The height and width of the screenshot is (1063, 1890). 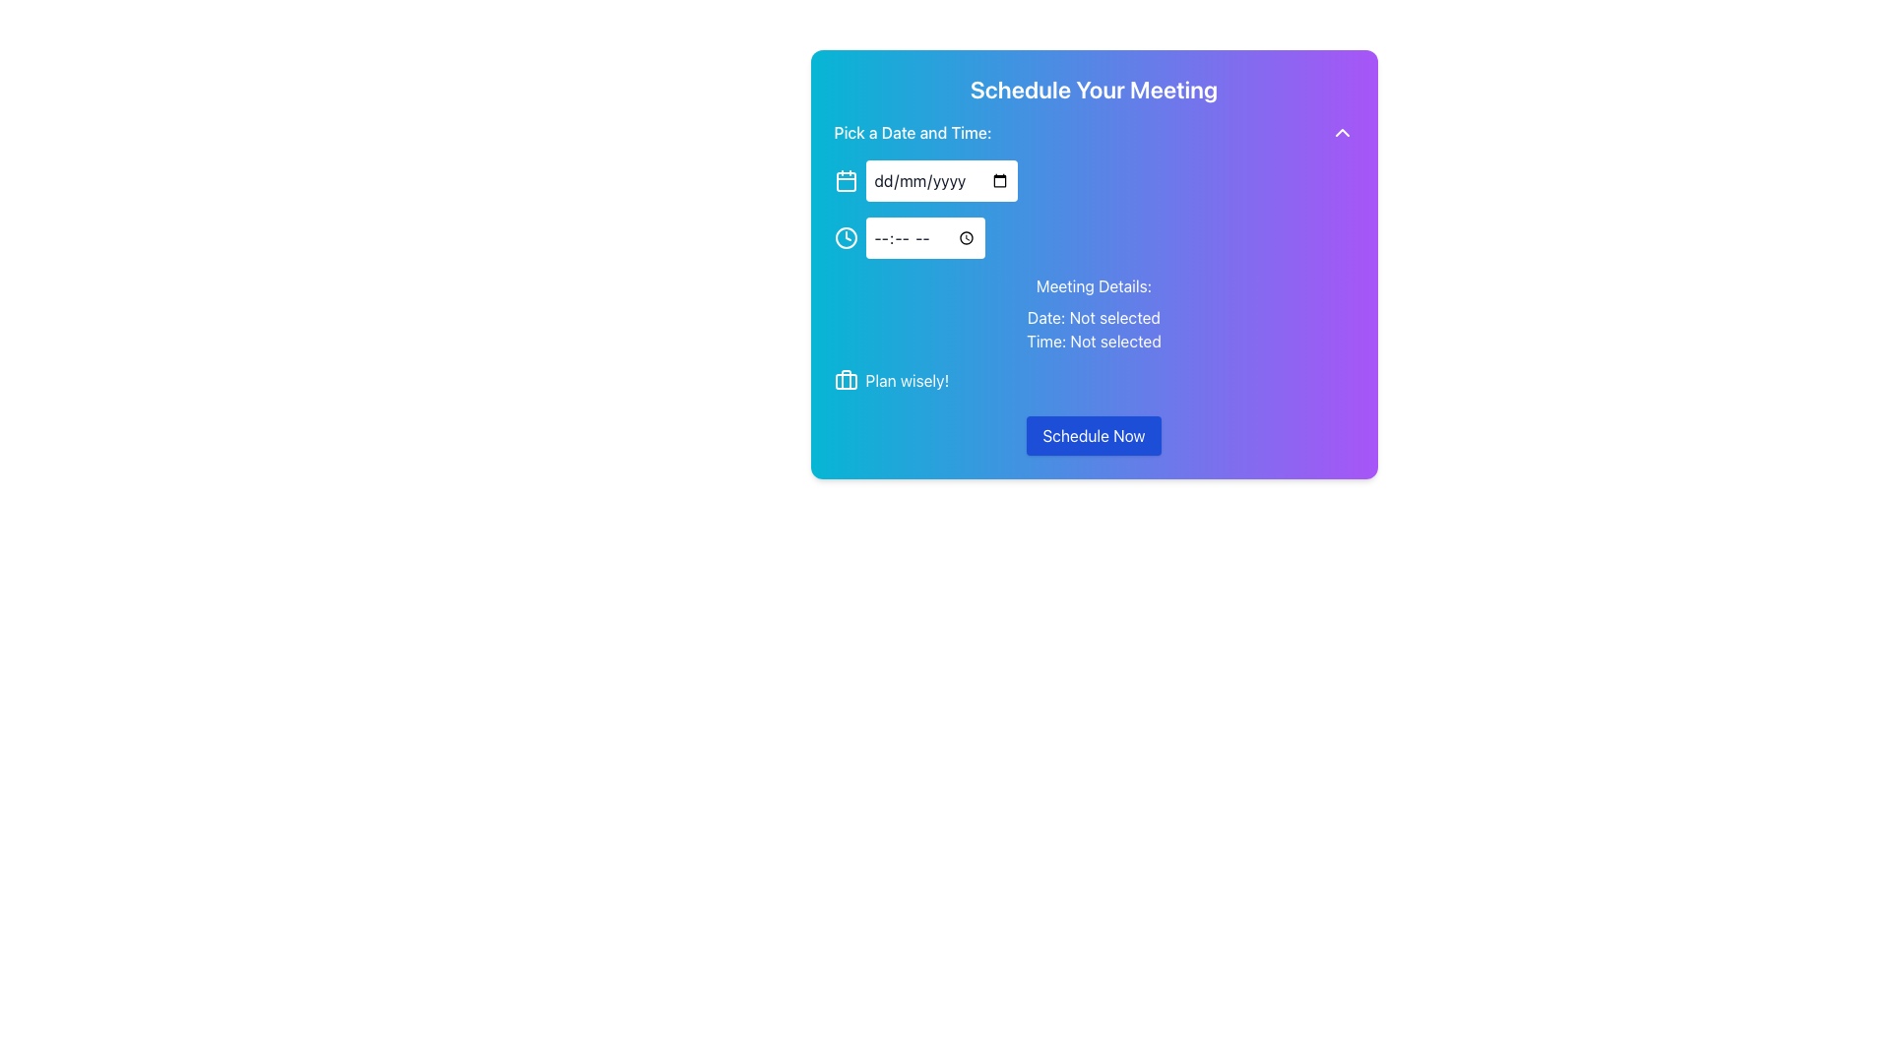 What do you see at coordinates (1093, 285) in the screenshot?
I see `the text label that reads 'Meeting Details:' which is styled in bold font and is positioned above the 'Date: Not selected' text` at bounding box center [1093, 285].